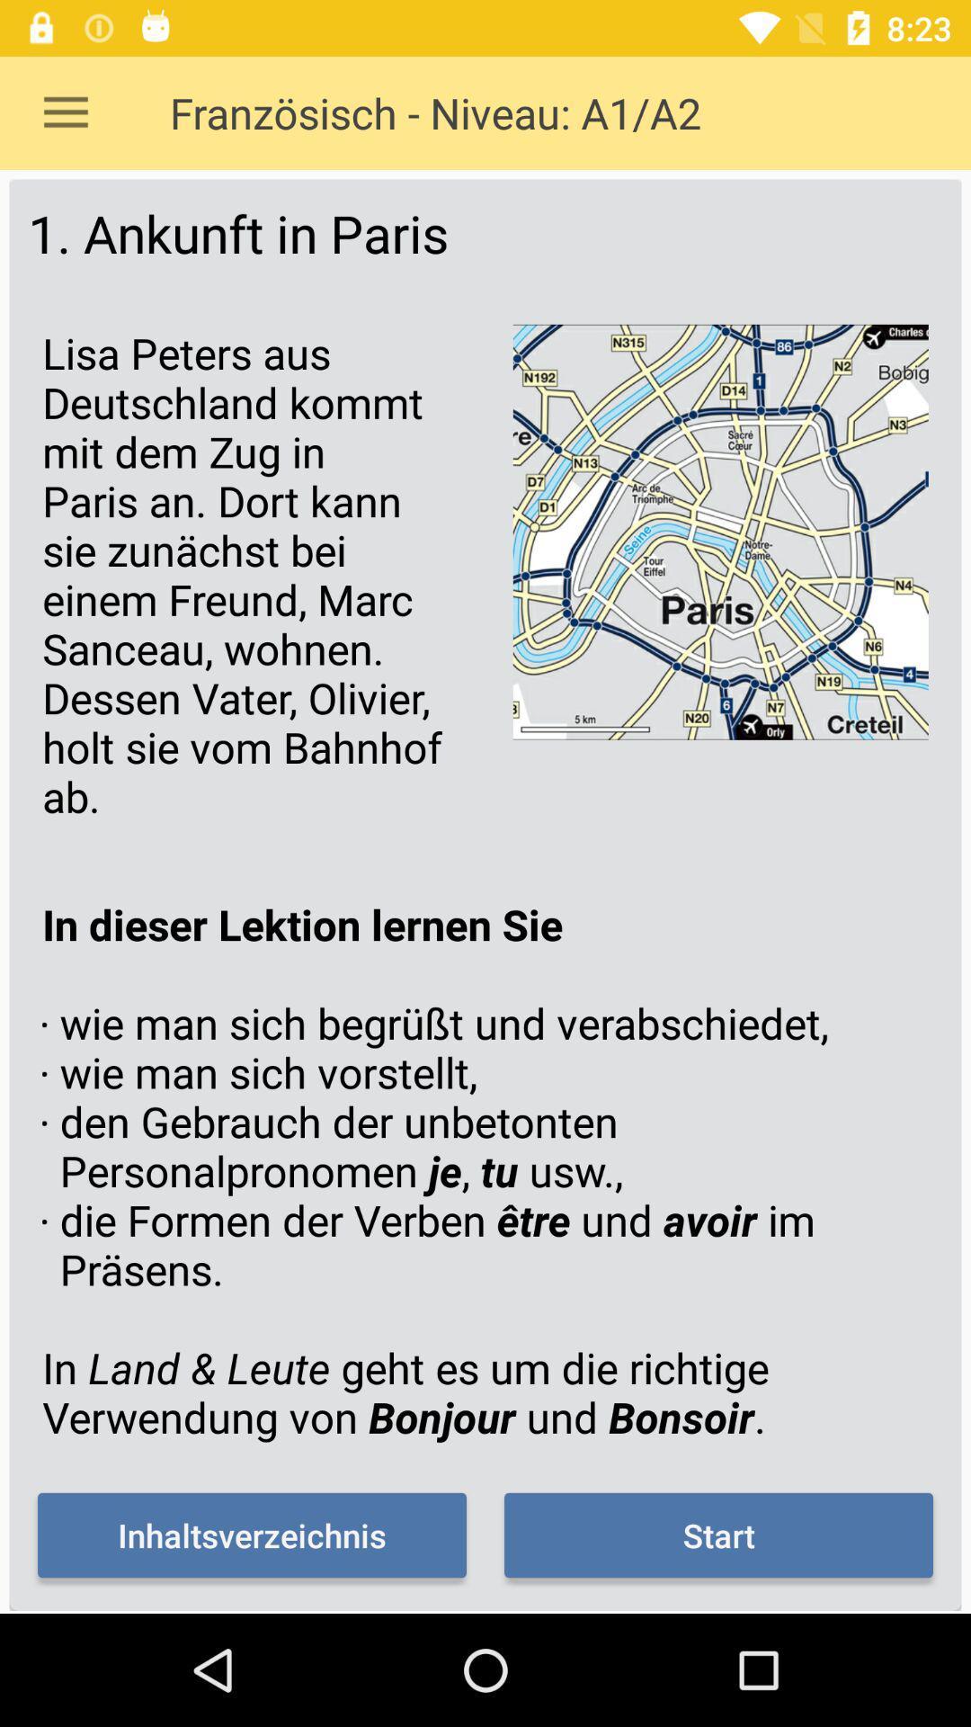 This screenshot has height=1727, width=971. What do you see at coordinates (252, 1535) in the screenshot?
I see `the icon to the left of start icon` at bounding box center [252, 1535].